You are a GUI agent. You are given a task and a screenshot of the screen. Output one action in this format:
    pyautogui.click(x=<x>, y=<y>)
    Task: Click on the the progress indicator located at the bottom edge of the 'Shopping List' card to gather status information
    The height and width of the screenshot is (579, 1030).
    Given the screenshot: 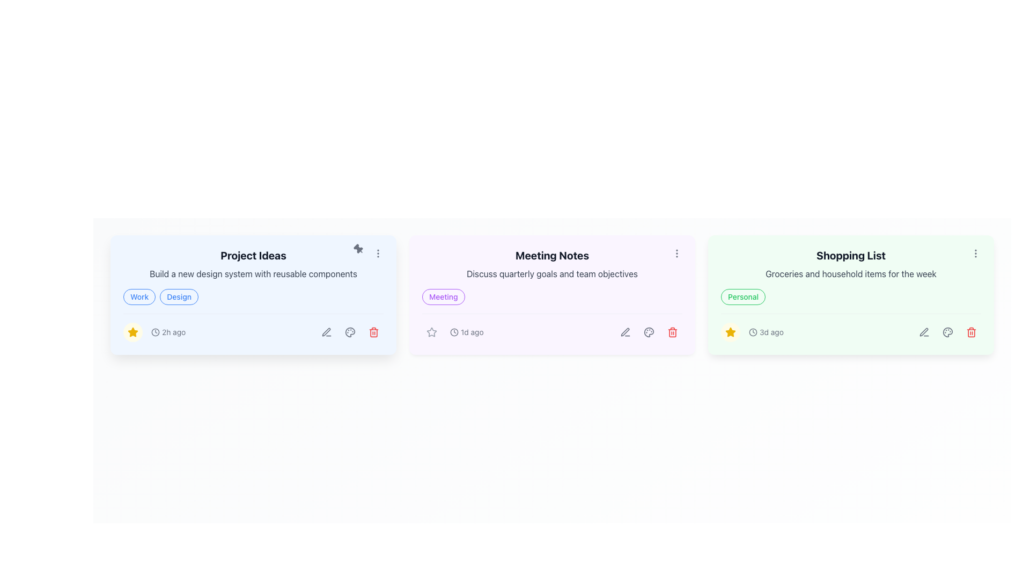 What is the action you would take?
    pyautogui.click(x=850, y=353)
    